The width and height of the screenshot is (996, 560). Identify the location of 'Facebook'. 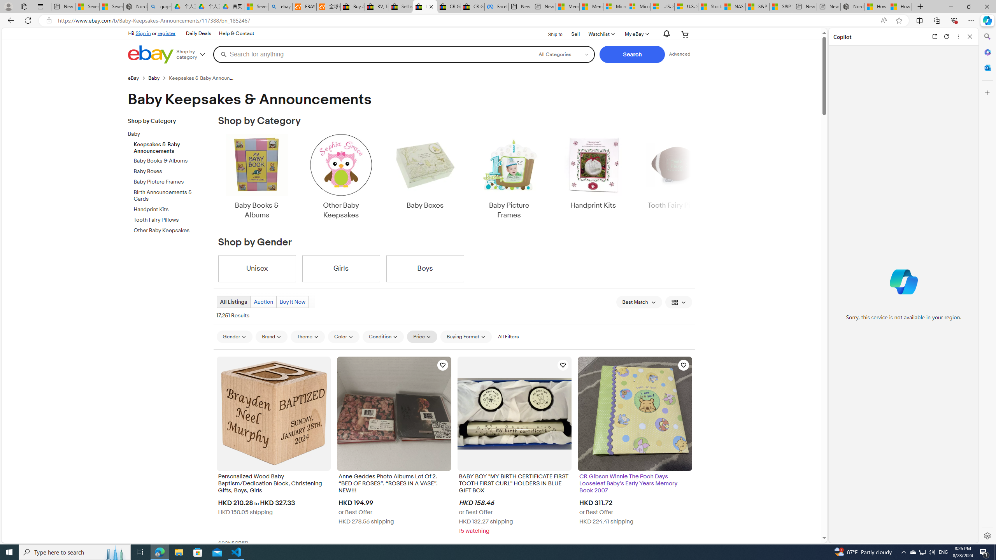
(496, 6).